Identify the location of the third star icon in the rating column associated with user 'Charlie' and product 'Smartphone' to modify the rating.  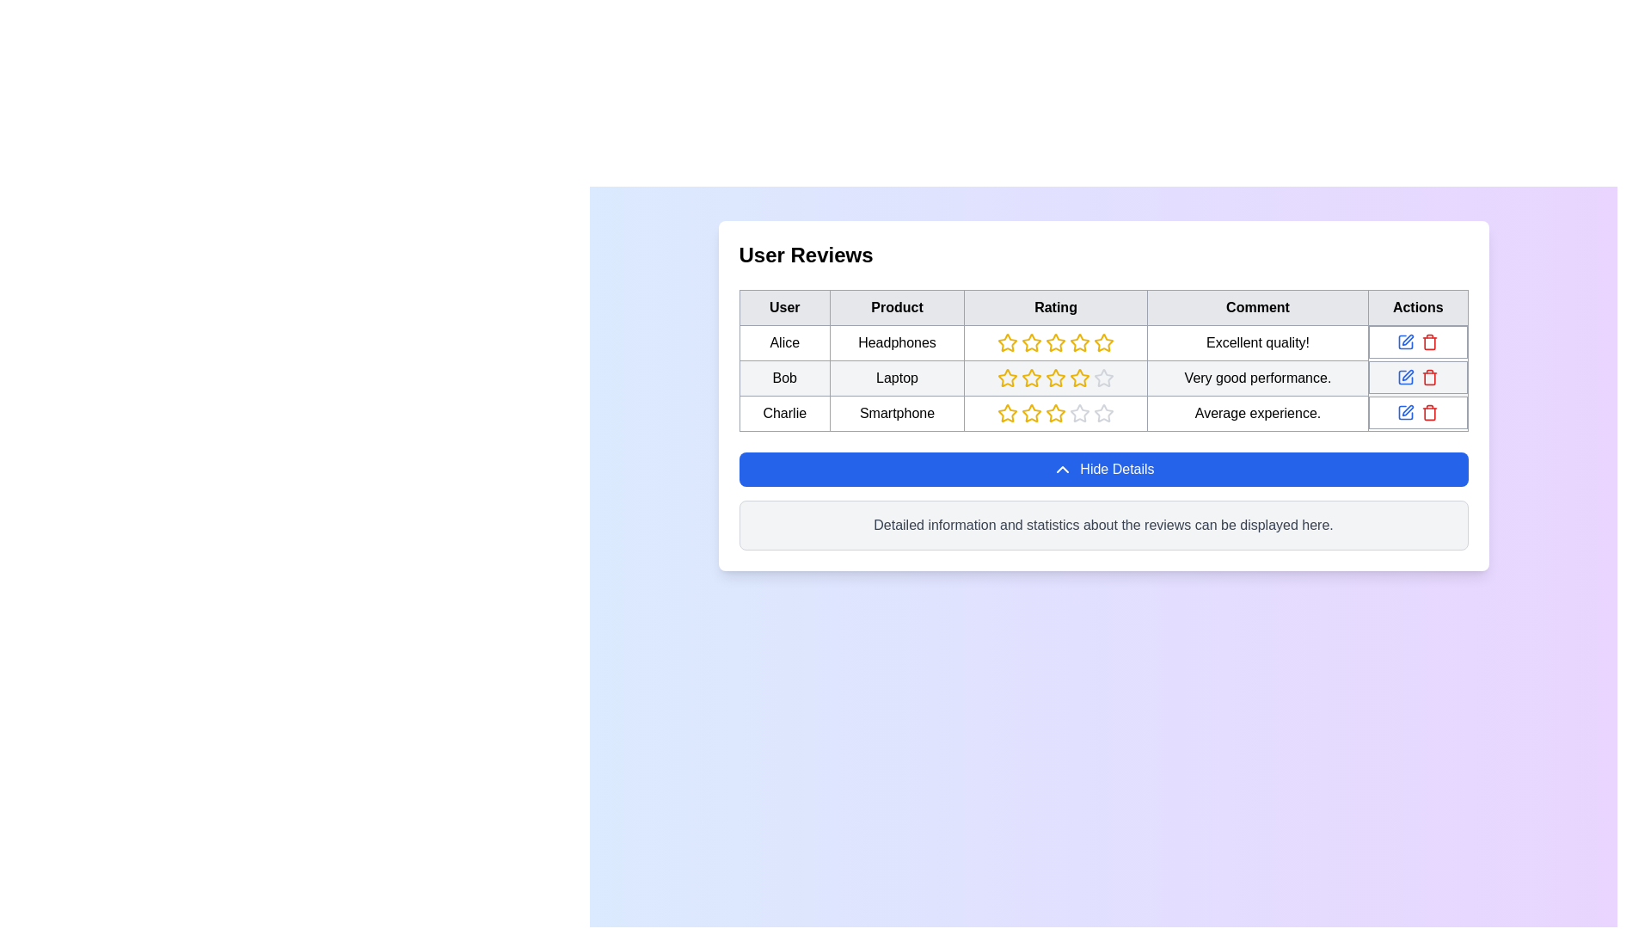
(1104, 413).